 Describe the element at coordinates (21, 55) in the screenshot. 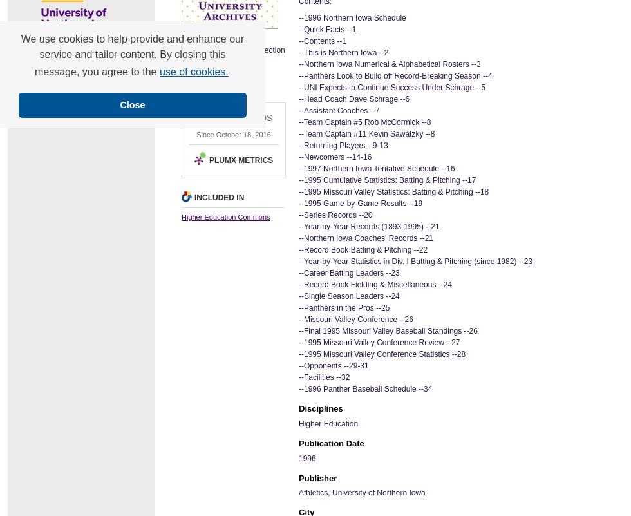

I see `'We use cookies to help provide and enhance our service and tailor content. By closing this message, you agree to the'` at that location.